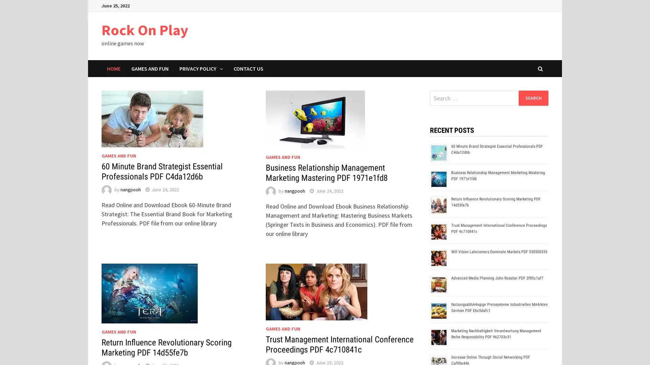 The image size is (650, 365). I want to click on Search, so click(533, 98).